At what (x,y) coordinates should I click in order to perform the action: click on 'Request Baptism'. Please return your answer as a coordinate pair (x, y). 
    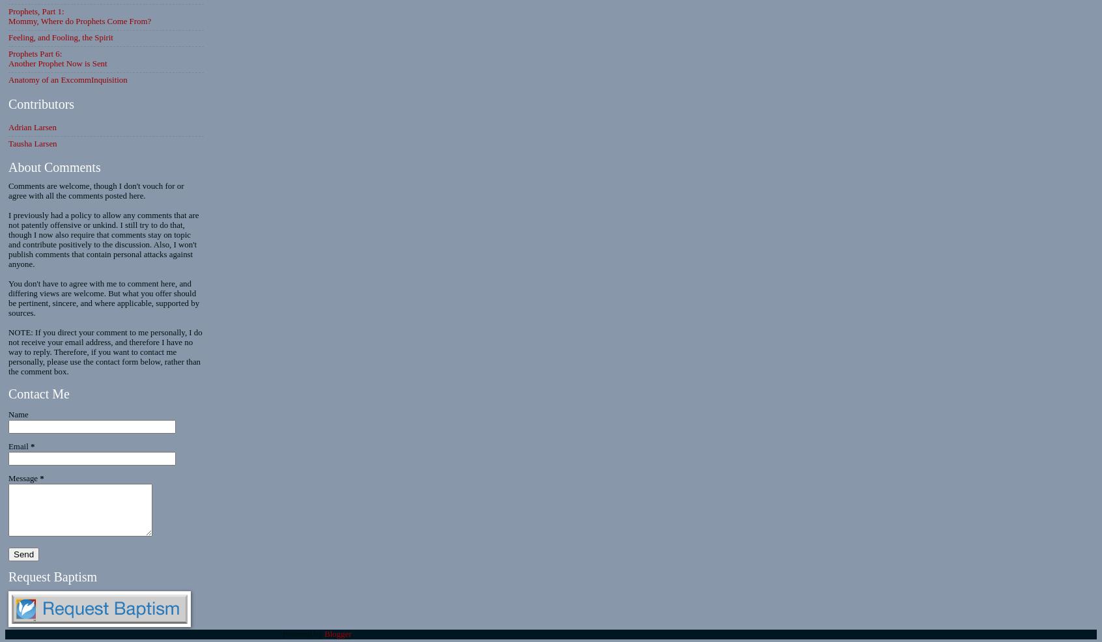
    Looking at the image, I should click on (53, 576).